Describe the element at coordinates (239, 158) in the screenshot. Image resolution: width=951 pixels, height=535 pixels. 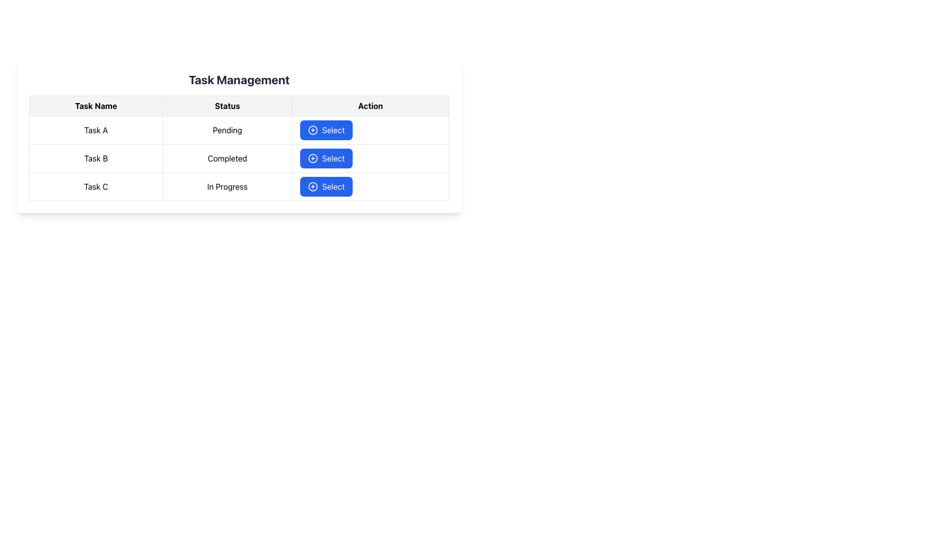
I see `a row` at that location.